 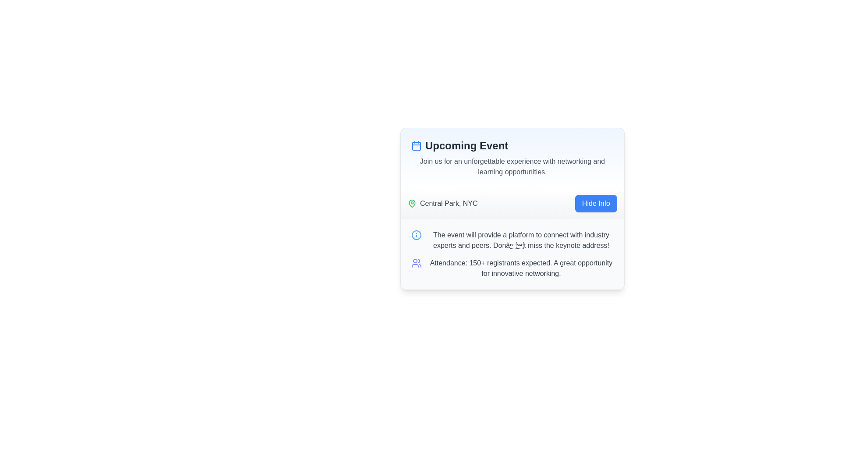 What do you see at coordinates (416, 263) in the screenshot?
I see `the indigo-blue group of people icon, which is positioned to the left of the text 'Attendance: 150+ registrants expected...' and aligned slightly above its center` at bounding box center [416, 263].